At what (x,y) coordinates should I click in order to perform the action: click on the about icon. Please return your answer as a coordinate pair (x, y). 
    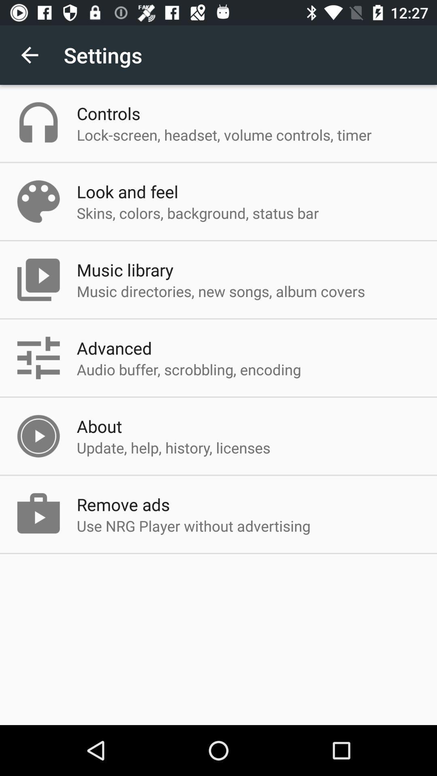
    Looking at the image, I should click on (99, 426).